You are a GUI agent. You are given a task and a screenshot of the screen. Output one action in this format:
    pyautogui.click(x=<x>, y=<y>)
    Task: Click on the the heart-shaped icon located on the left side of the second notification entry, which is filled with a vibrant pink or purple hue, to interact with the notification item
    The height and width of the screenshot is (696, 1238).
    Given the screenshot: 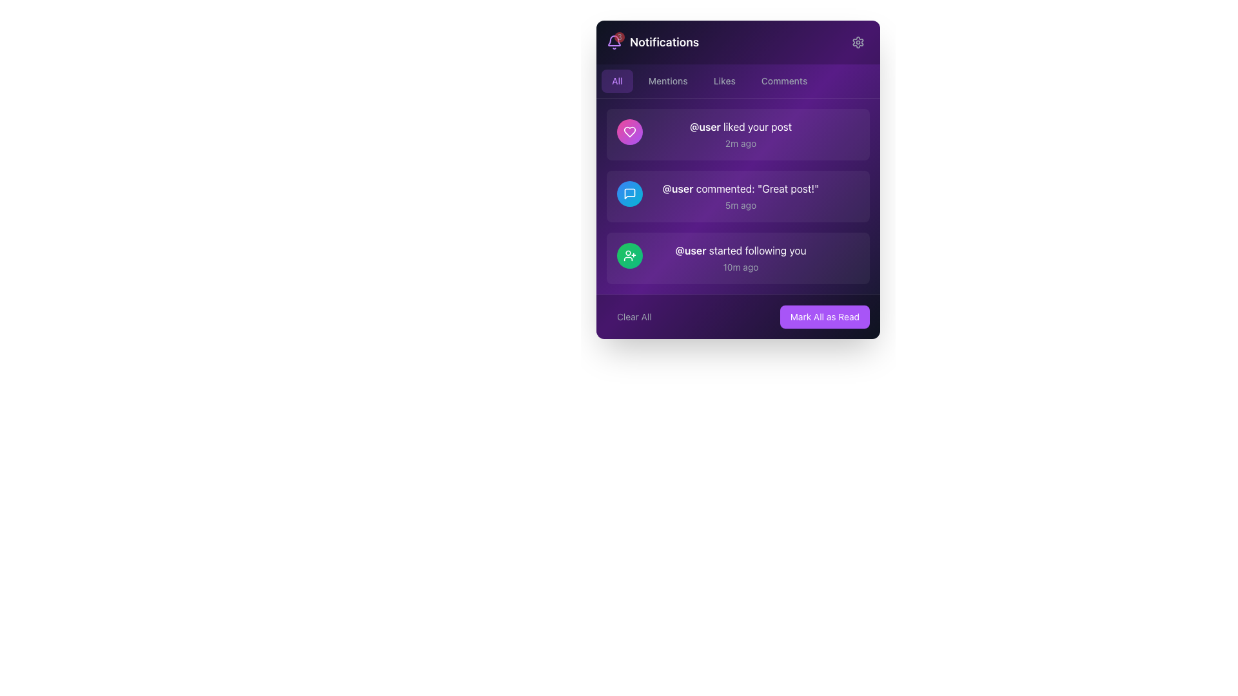 What is the action you would take?
    pyautogui.click(x=630, y=131)
    